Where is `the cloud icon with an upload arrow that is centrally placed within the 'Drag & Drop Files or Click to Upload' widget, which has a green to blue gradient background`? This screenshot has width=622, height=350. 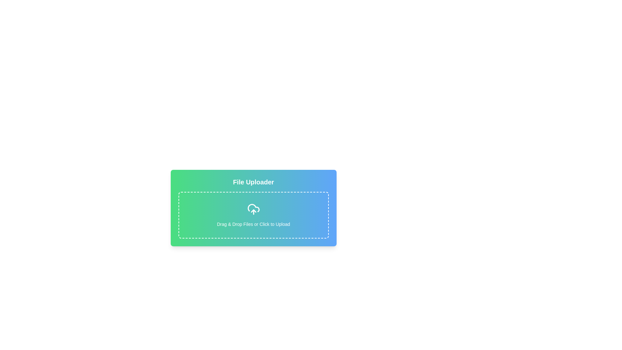 the cloud icon with an upload arrow that is centrally placed within the 'Drag & Drop Files or Click to Upload' widget, which has a green to blue gradient background is located at coordinates (253, 209).